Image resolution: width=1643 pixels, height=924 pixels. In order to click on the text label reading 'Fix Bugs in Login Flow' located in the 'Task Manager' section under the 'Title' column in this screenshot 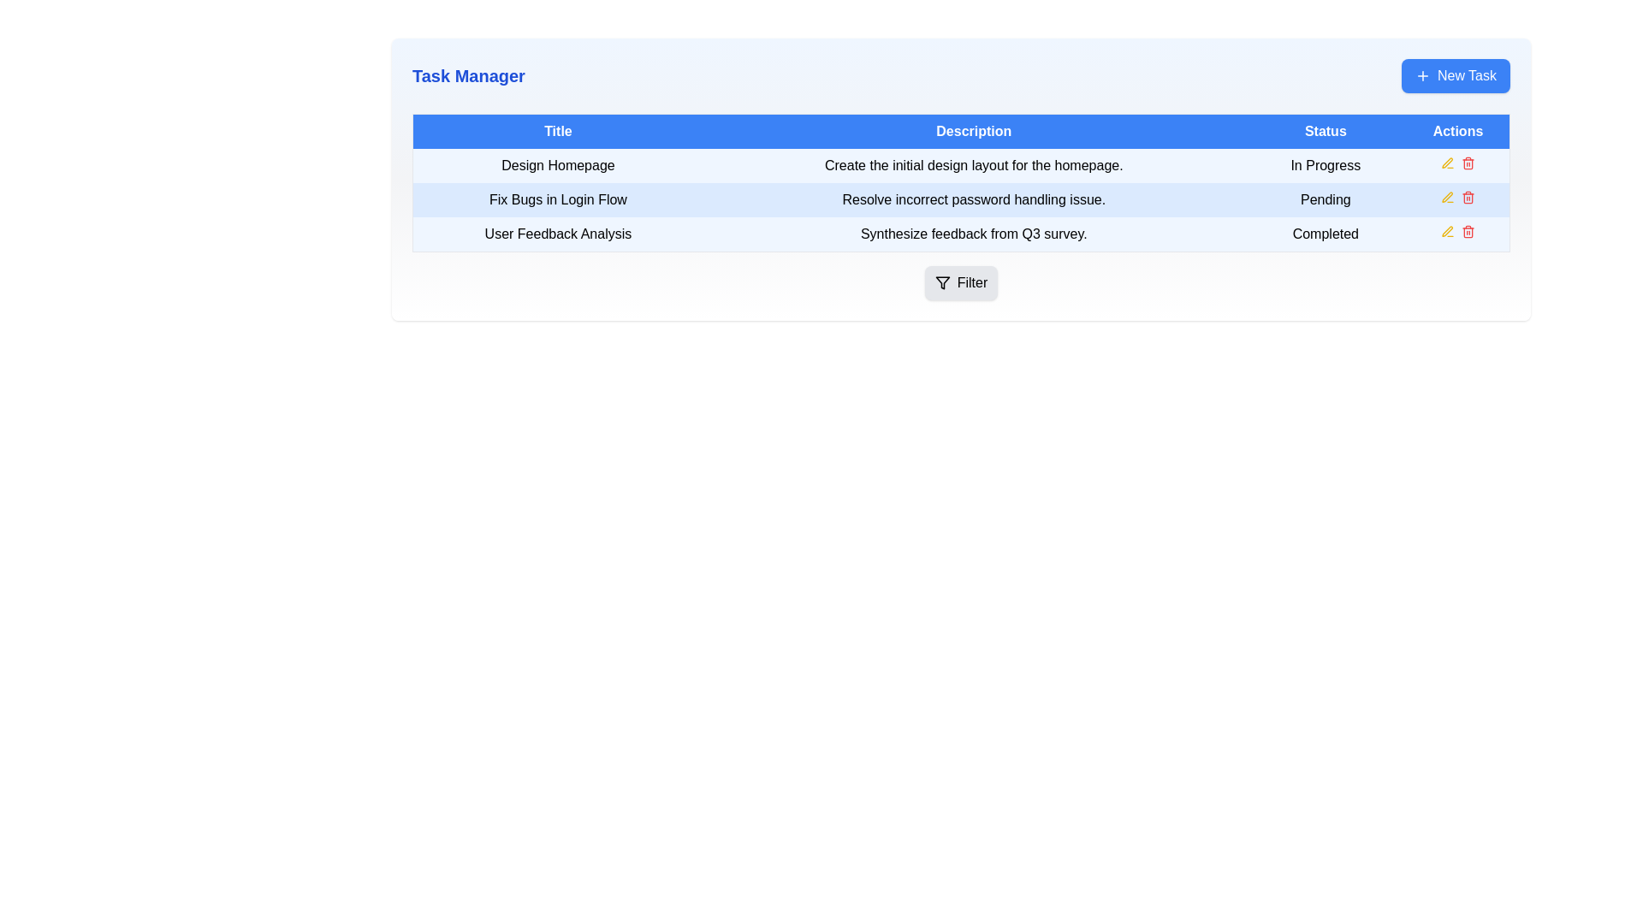, I will do `click(558, 199)`.